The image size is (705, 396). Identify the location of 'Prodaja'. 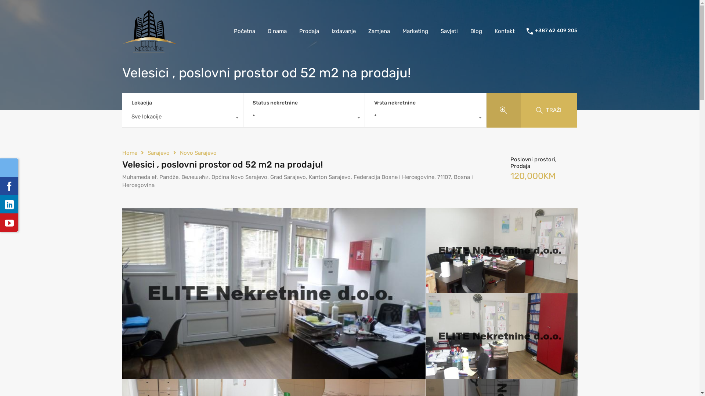
(309, 30).